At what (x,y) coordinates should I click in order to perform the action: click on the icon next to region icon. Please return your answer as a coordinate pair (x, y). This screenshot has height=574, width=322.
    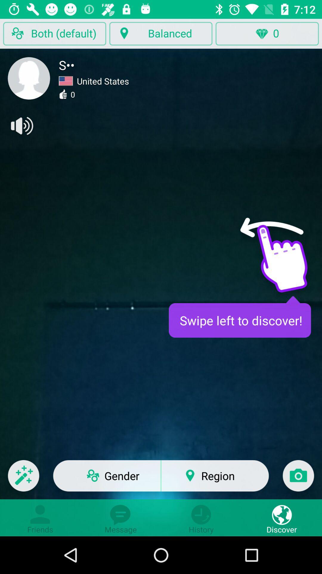
    Looking at the image, I should click on (298, 480).